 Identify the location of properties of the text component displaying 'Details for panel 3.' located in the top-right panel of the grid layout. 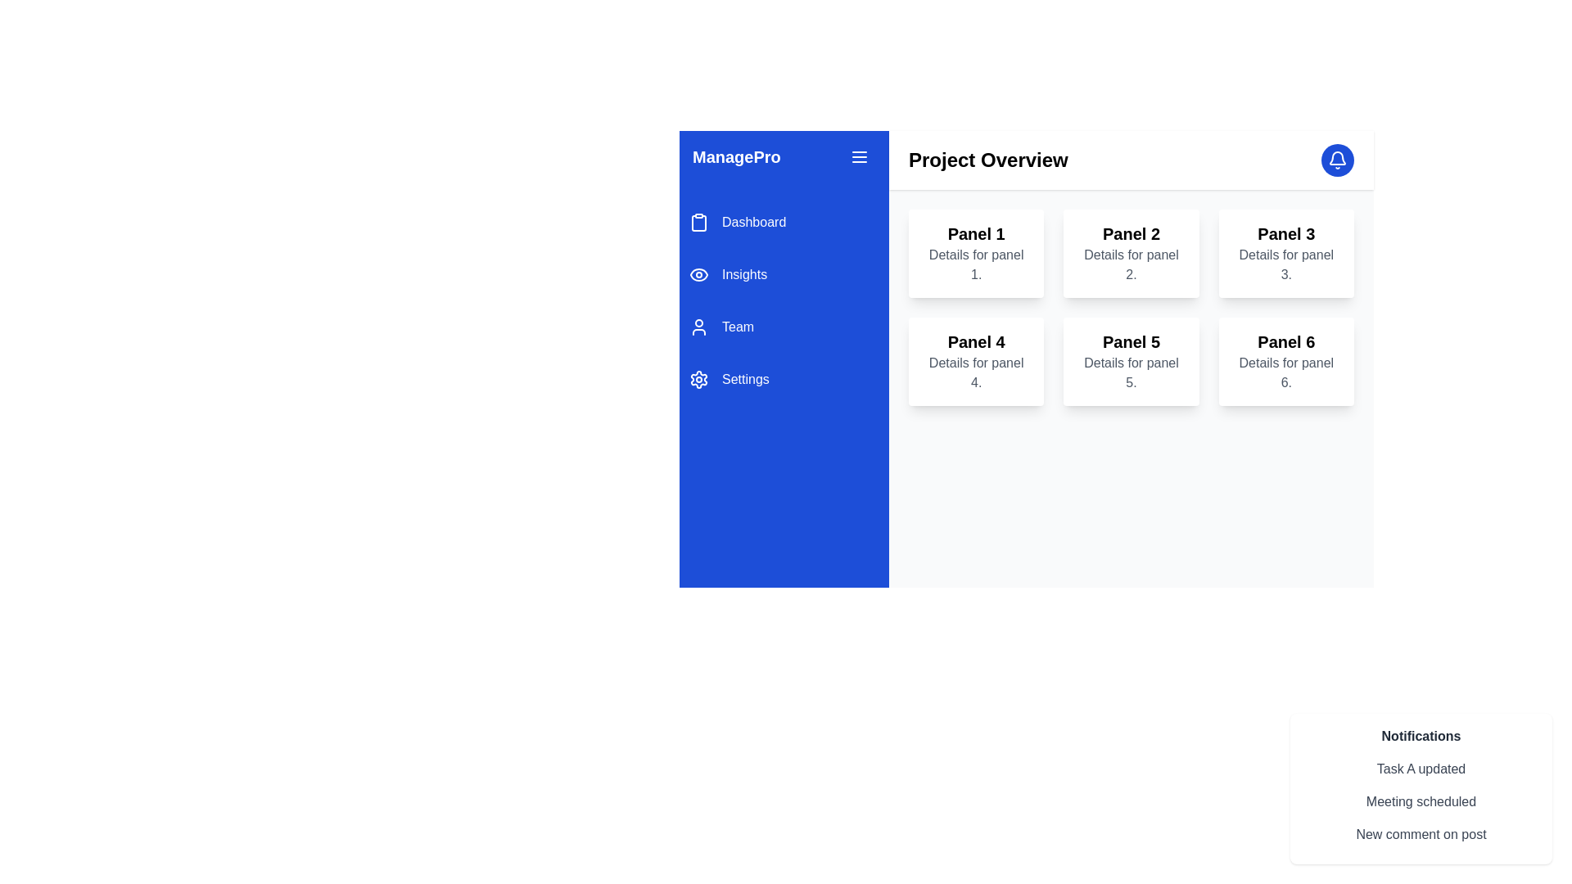
(1285, 264).